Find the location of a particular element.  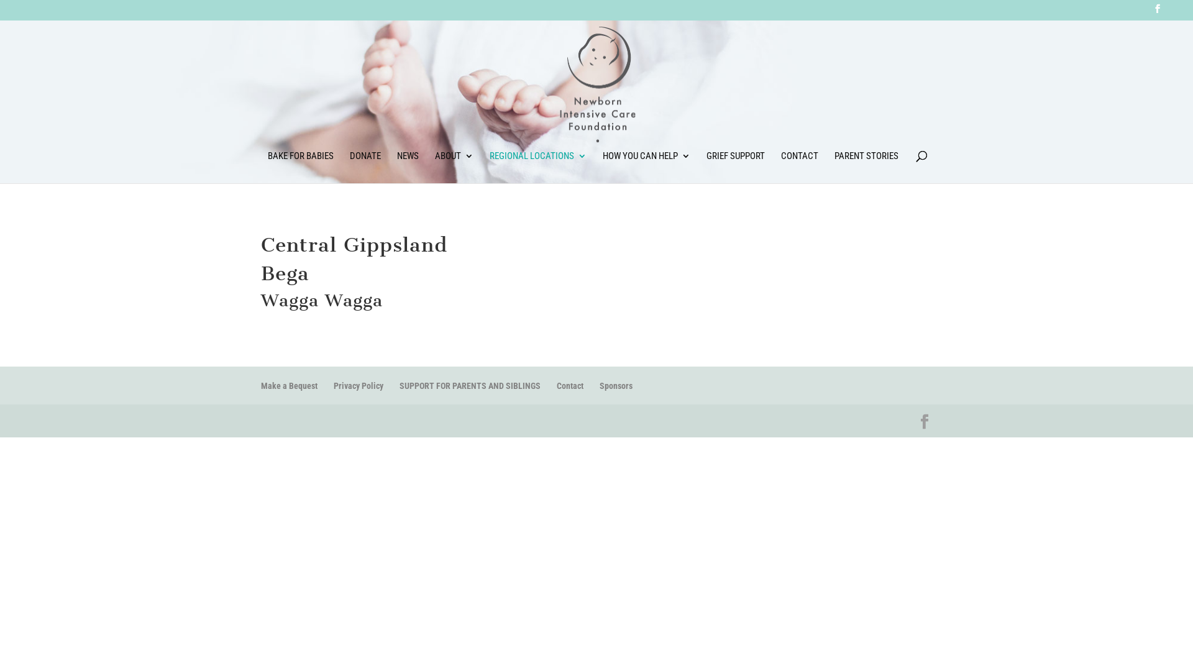

'Sponsors' is located at coordinates (616, 385).